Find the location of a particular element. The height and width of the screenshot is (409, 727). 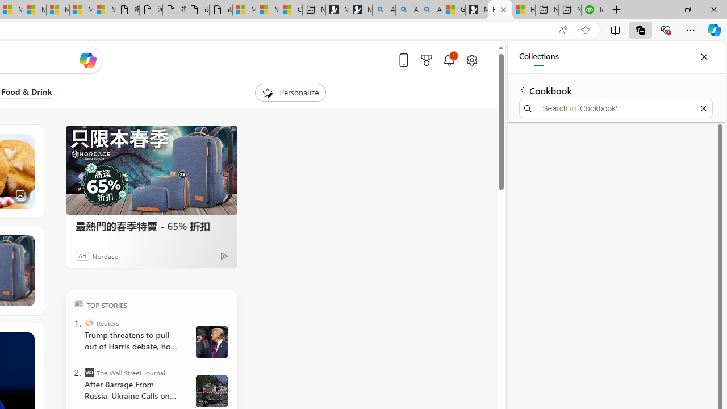

'Reuters' is located at coordinates (88, 323).